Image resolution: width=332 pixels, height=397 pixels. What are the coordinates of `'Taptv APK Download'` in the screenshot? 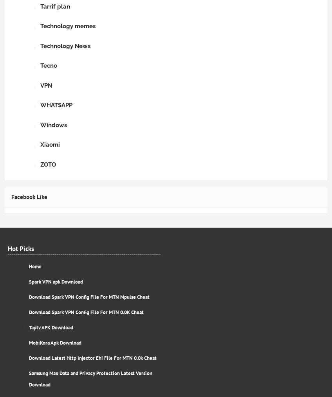 It's located at (51, 327).